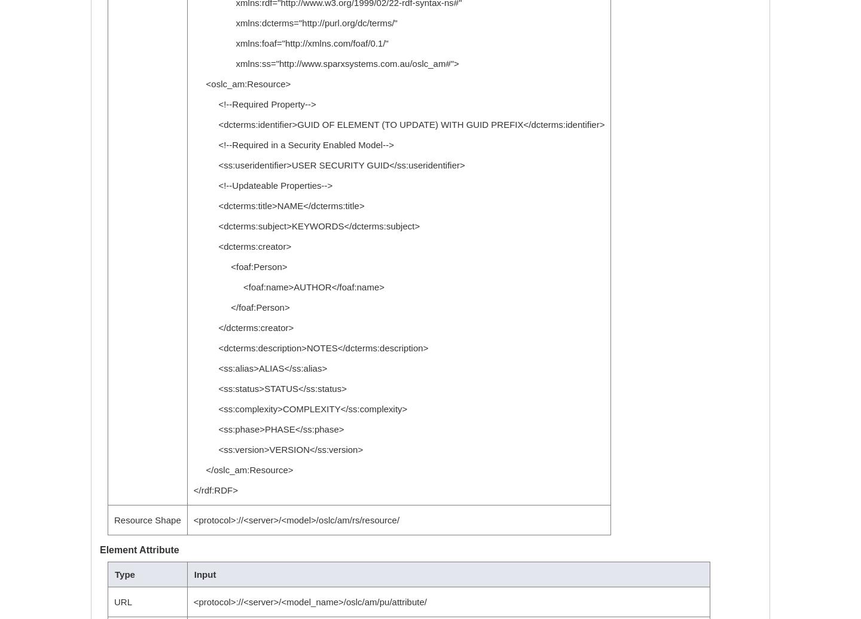 This screenshot has width=861, height=619. What do you see at coordinates (277, 449) in the screenshot?
I see `'<ss:version>VERSION</ss:version>'` at bounding box center [277, 449].